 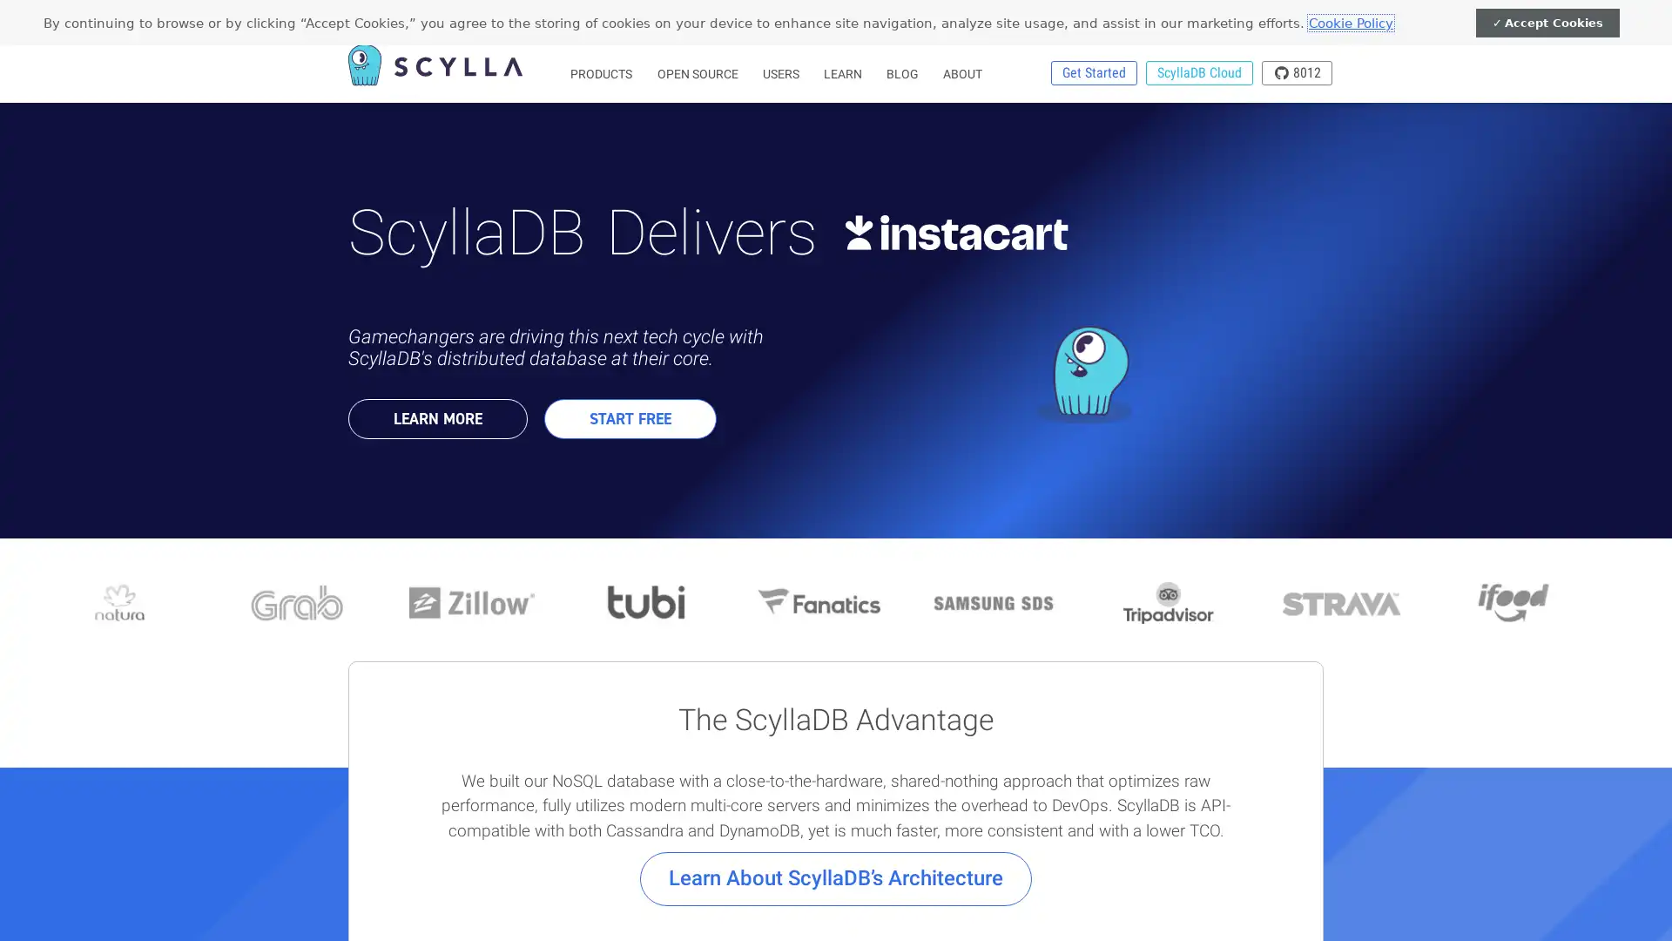 What do you see at coordinates (836, 879) in the screenshot?
I see `Learn About ScyllaDBs Architecture` at bounding box center [836, 879].